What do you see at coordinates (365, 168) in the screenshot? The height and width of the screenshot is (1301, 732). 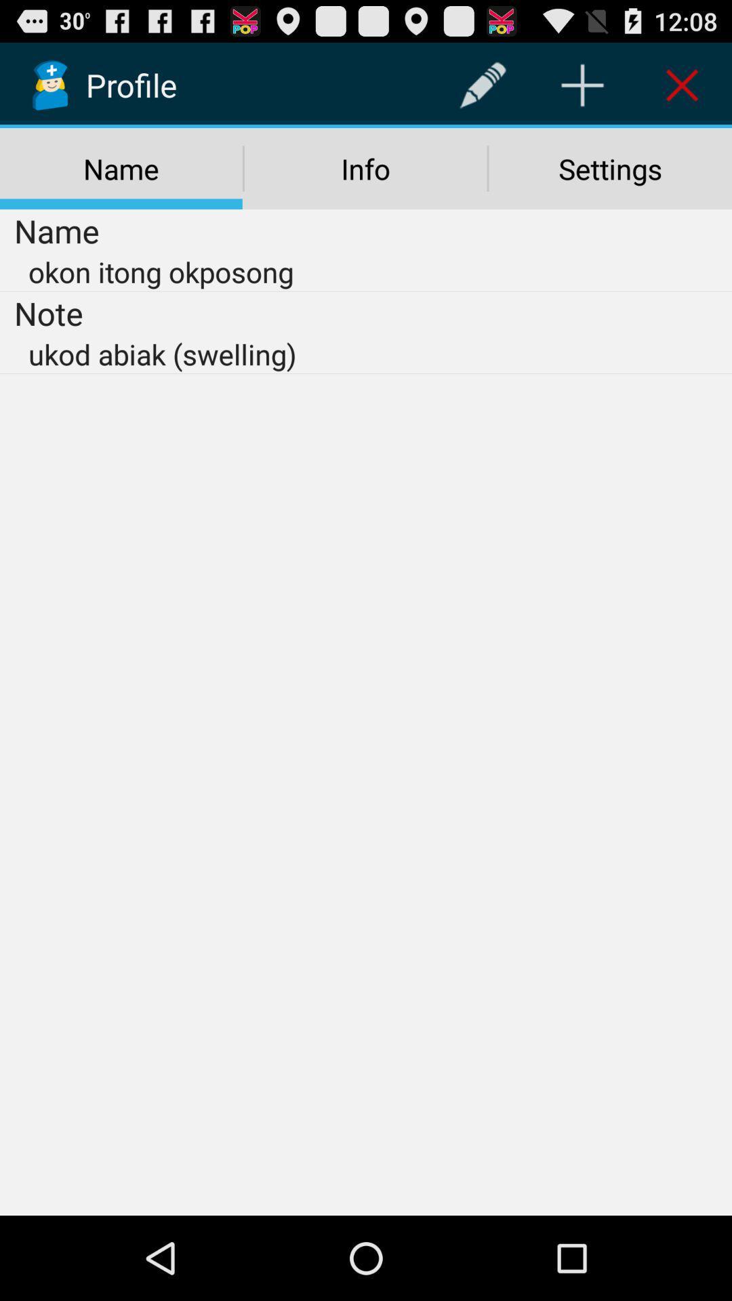 I see `the icon above the okon itong okposong item` at bounding box center [365, 168].